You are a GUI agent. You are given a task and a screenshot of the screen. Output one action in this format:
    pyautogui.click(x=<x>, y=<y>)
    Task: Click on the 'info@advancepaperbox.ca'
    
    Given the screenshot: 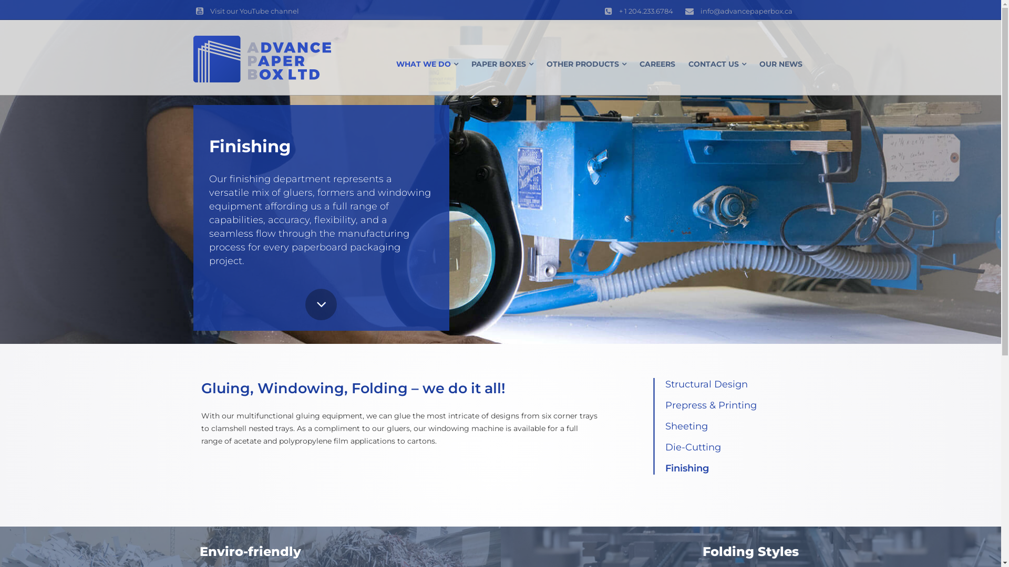 What is the action you would take?
    pyautogui.click(x=736, y=10)
    